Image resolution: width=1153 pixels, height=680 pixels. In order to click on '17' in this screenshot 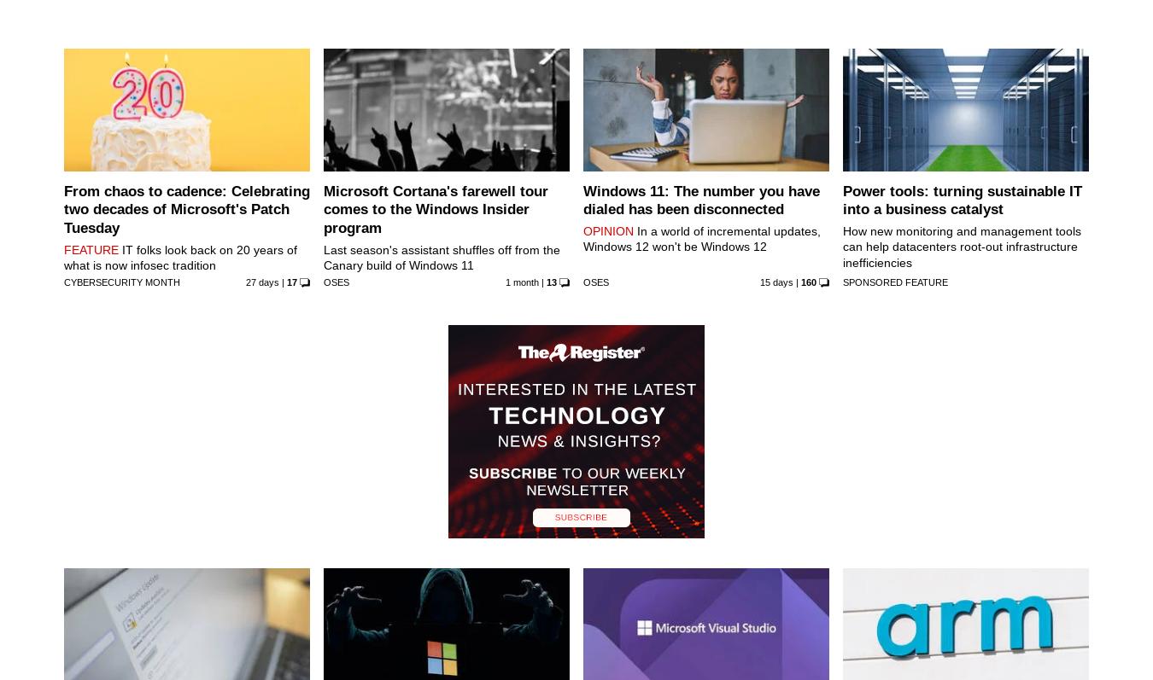, I will do `click(284, 281)`.